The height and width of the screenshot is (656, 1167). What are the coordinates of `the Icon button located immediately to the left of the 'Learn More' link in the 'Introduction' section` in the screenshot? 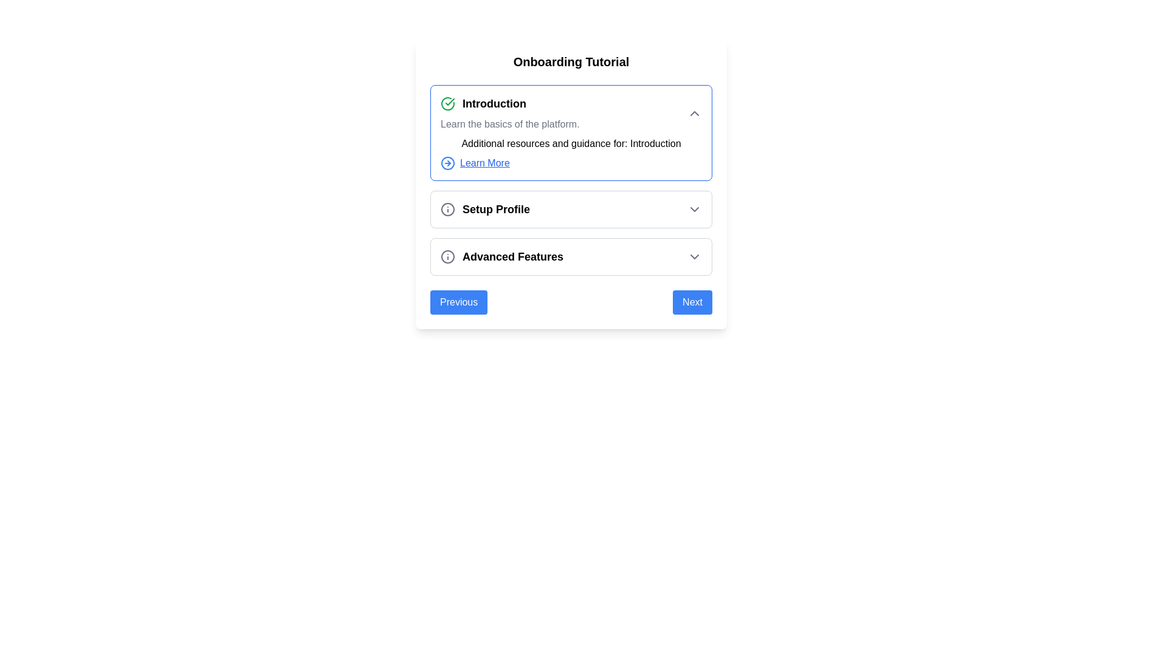 It's located at (447, 163).